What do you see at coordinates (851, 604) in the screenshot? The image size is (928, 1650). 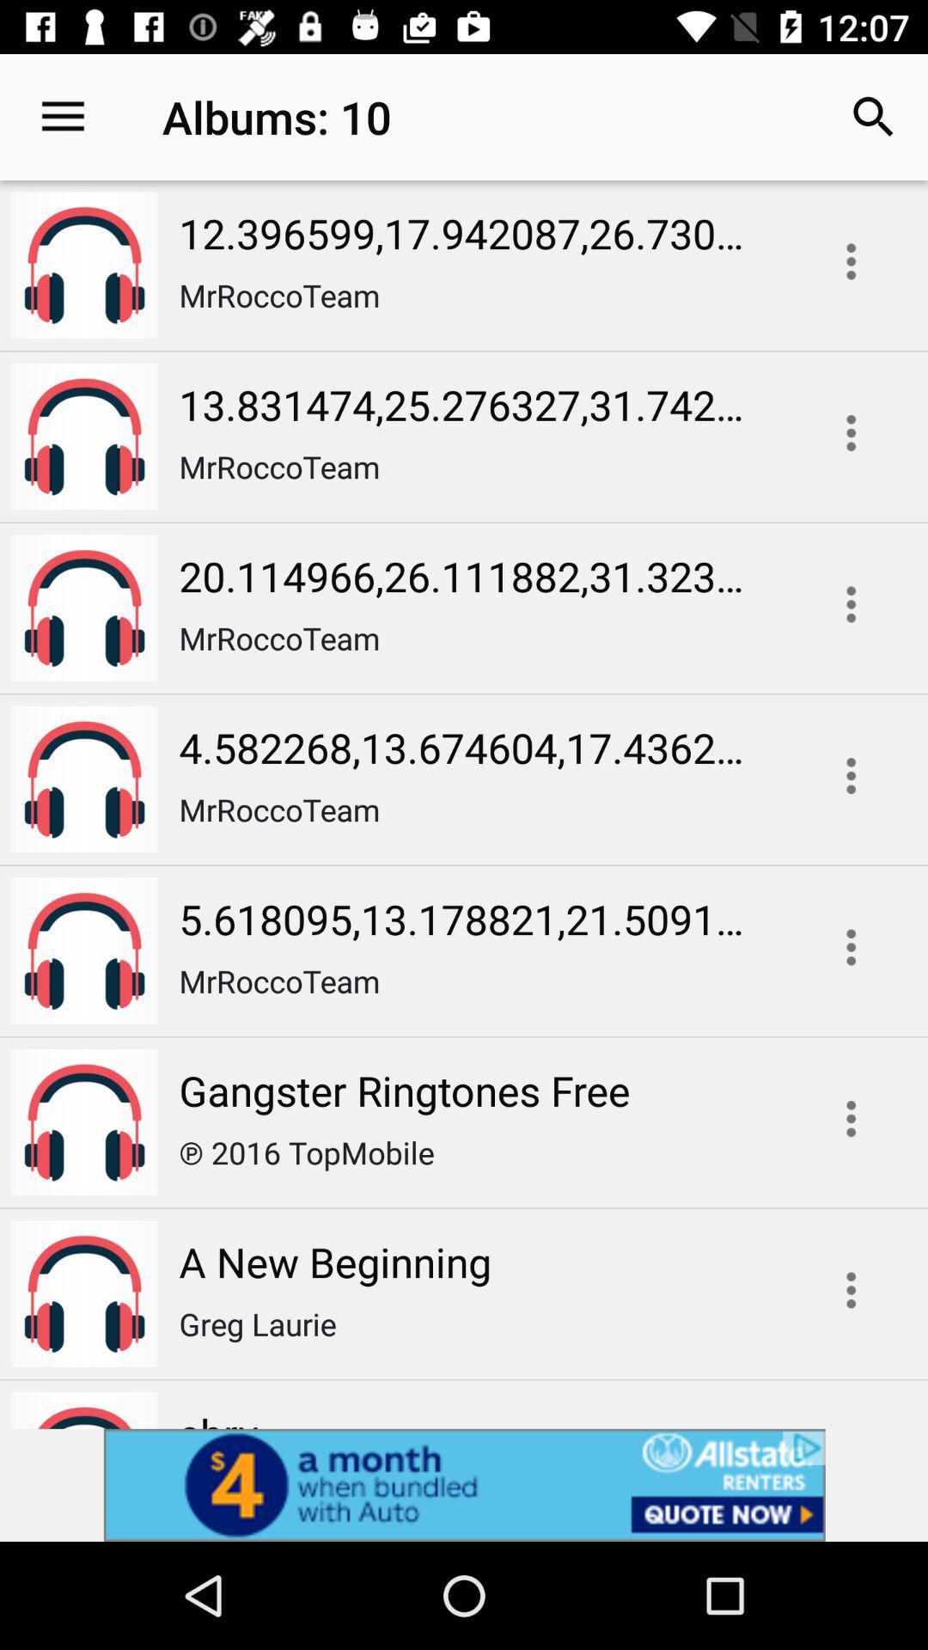 I see `more info` at bounding box center [851, 604].